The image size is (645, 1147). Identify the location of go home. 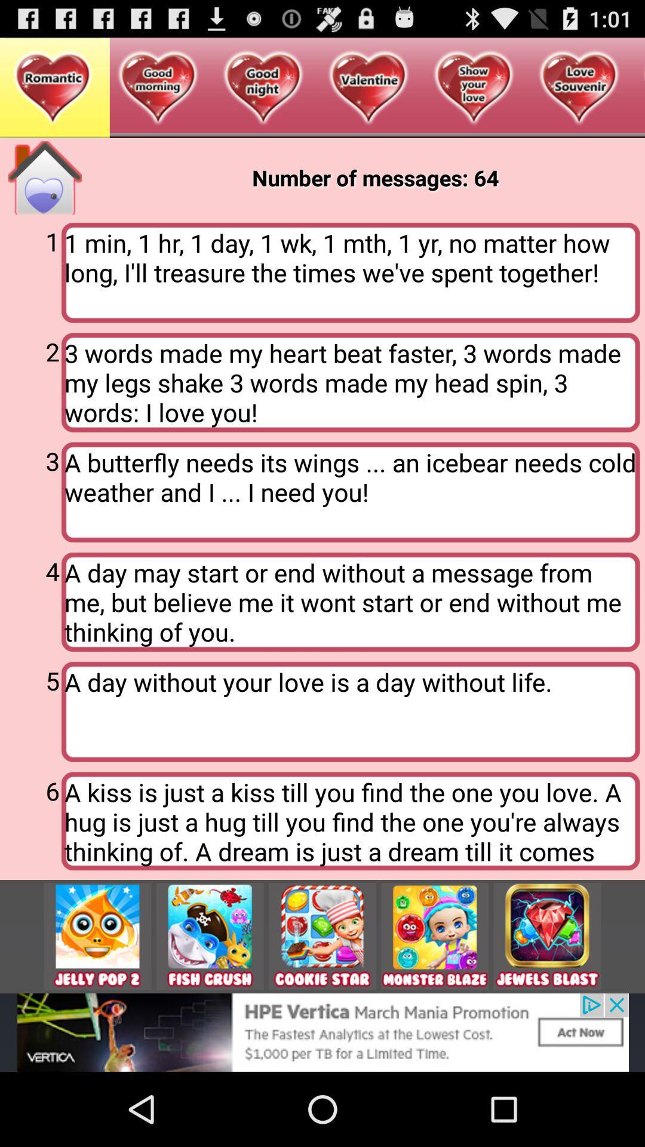
(44, 177).